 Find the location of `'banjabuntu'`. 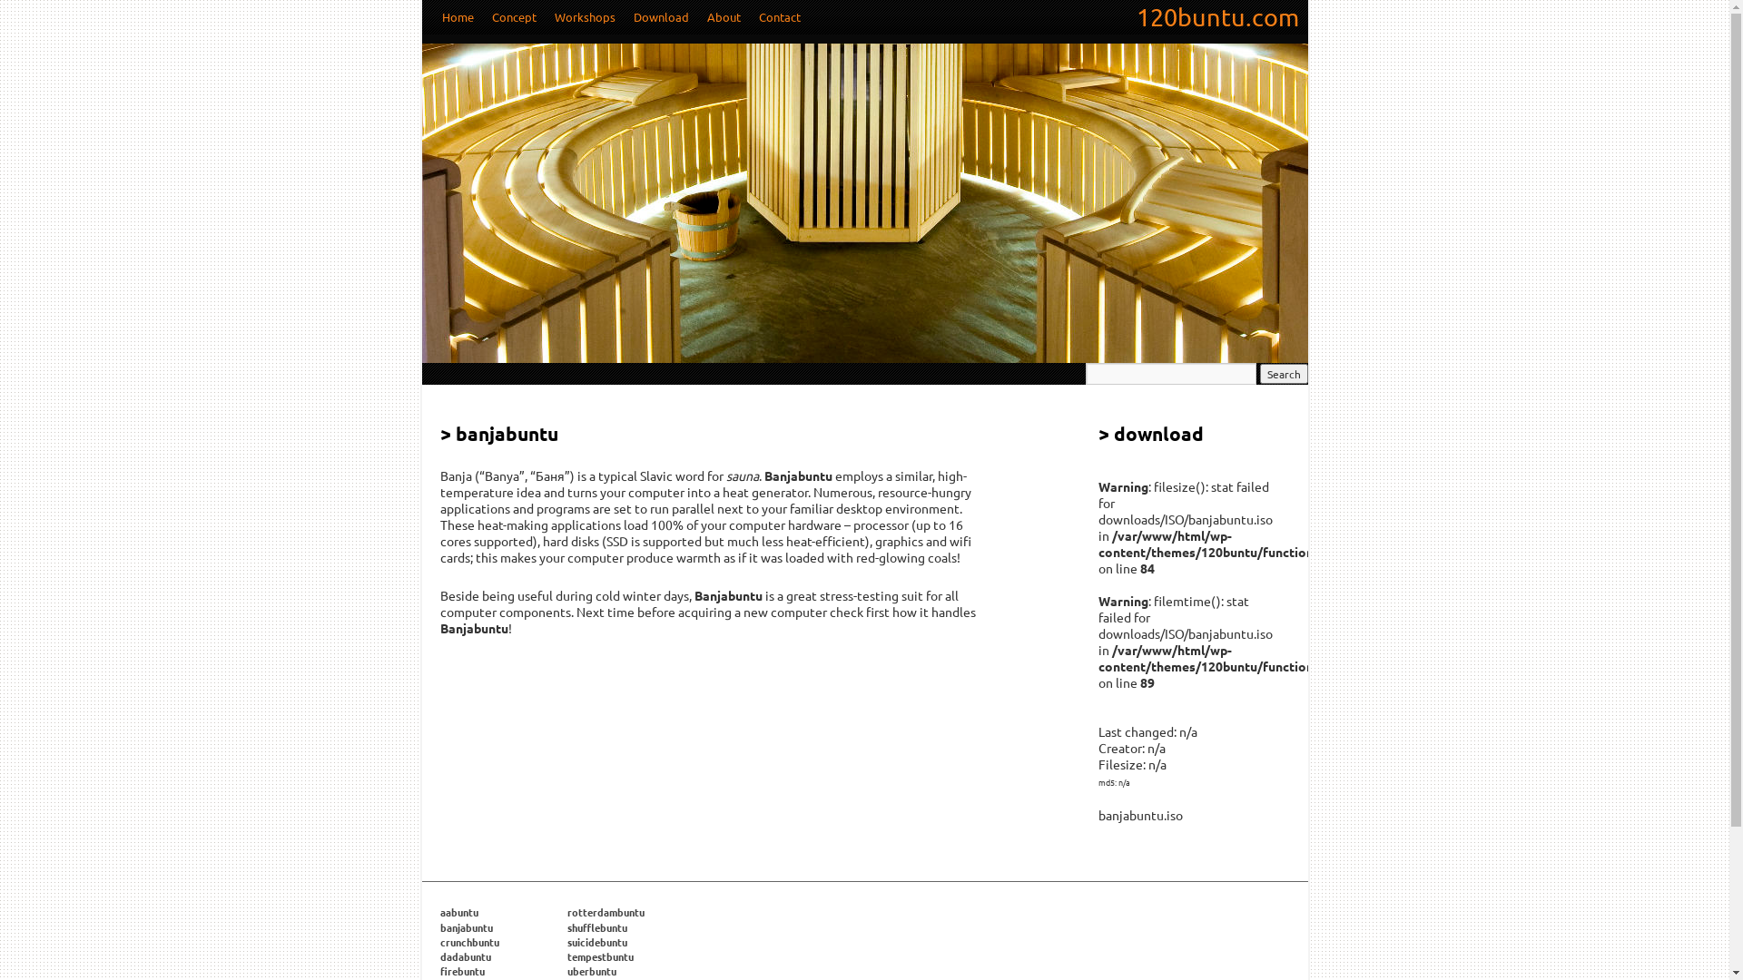

'banjabuntu' is located at coordinates (466, 927).